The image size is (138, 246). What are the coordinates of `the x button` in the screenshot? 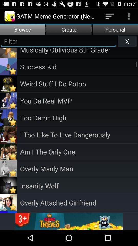 It's located at (127, 41).